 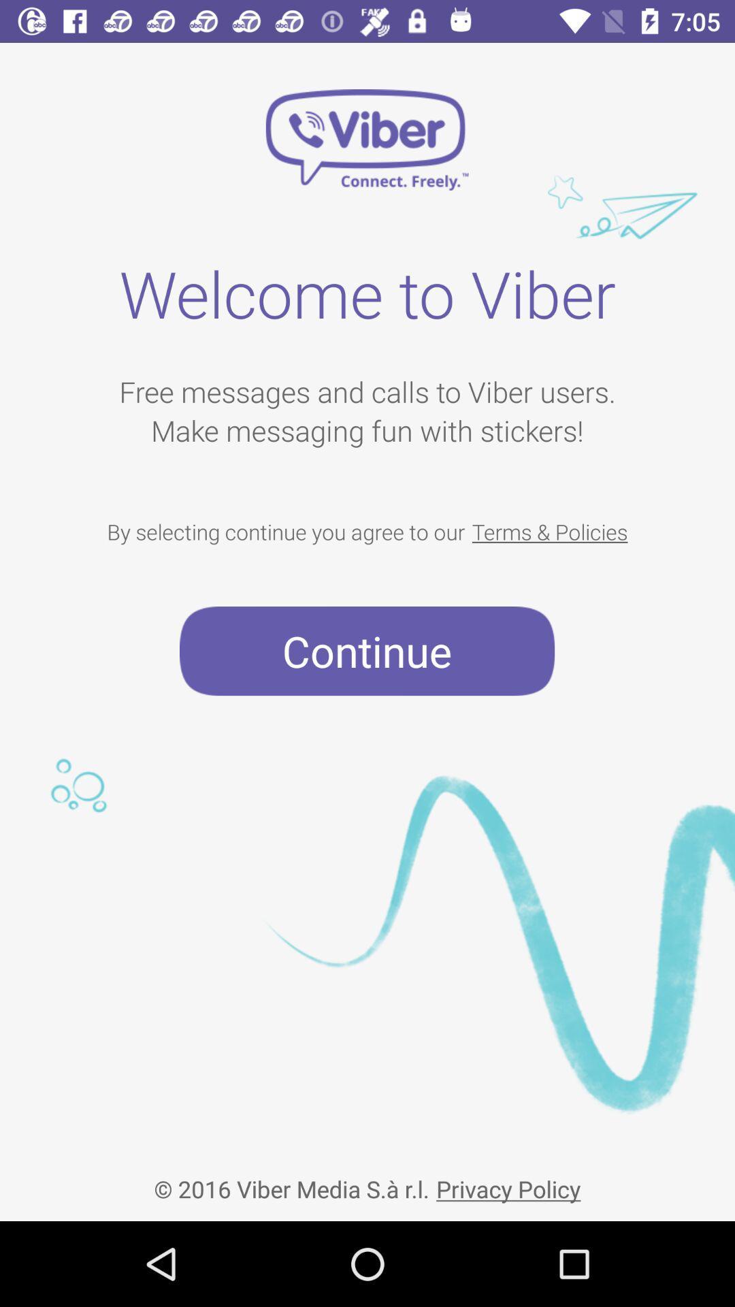 I want to click on the item next to 2016 viber media item, so click(x=508, y=1177).